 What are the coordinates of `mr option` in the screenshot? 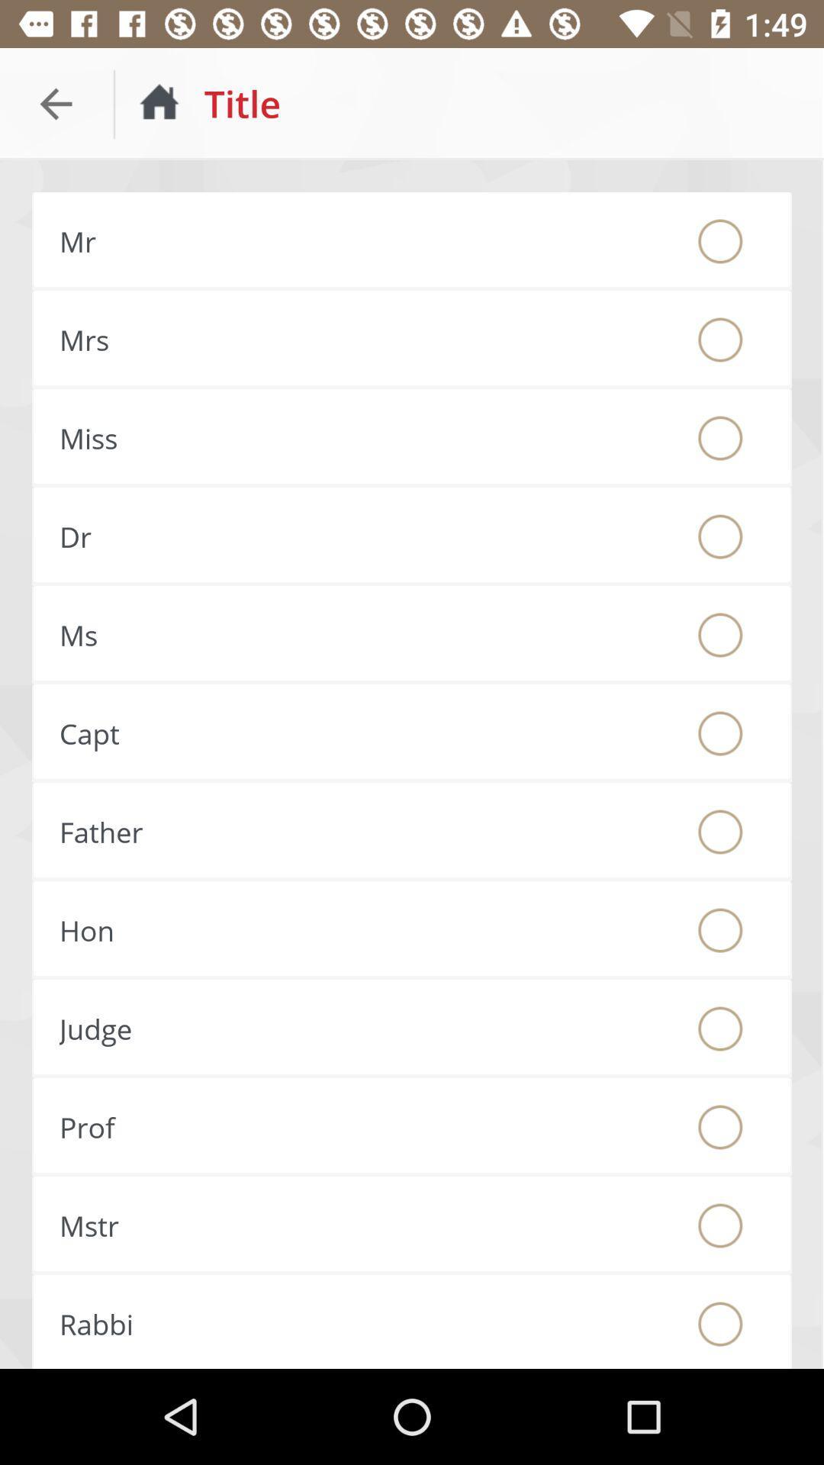 It's located at (720, 240).